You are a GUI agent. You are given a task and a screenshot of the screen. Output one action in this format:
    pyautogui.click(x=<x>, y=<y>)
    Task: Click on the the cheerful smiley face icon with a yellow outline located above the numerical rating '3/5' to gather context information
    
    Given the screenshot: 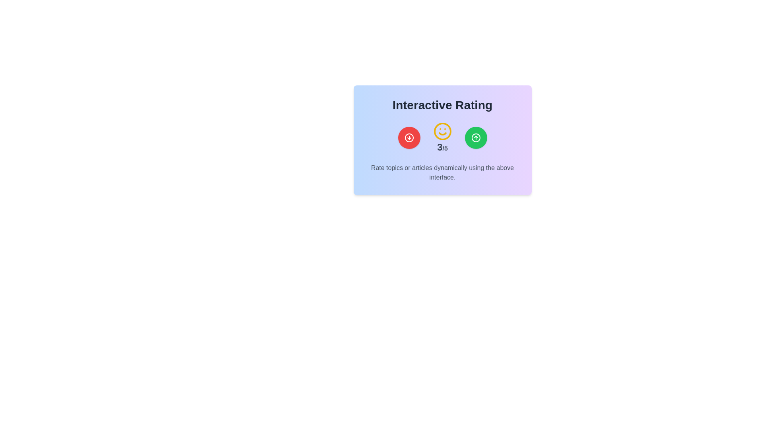 What is the action you would take?
    pyautogui.click(x=442, y=131)
    